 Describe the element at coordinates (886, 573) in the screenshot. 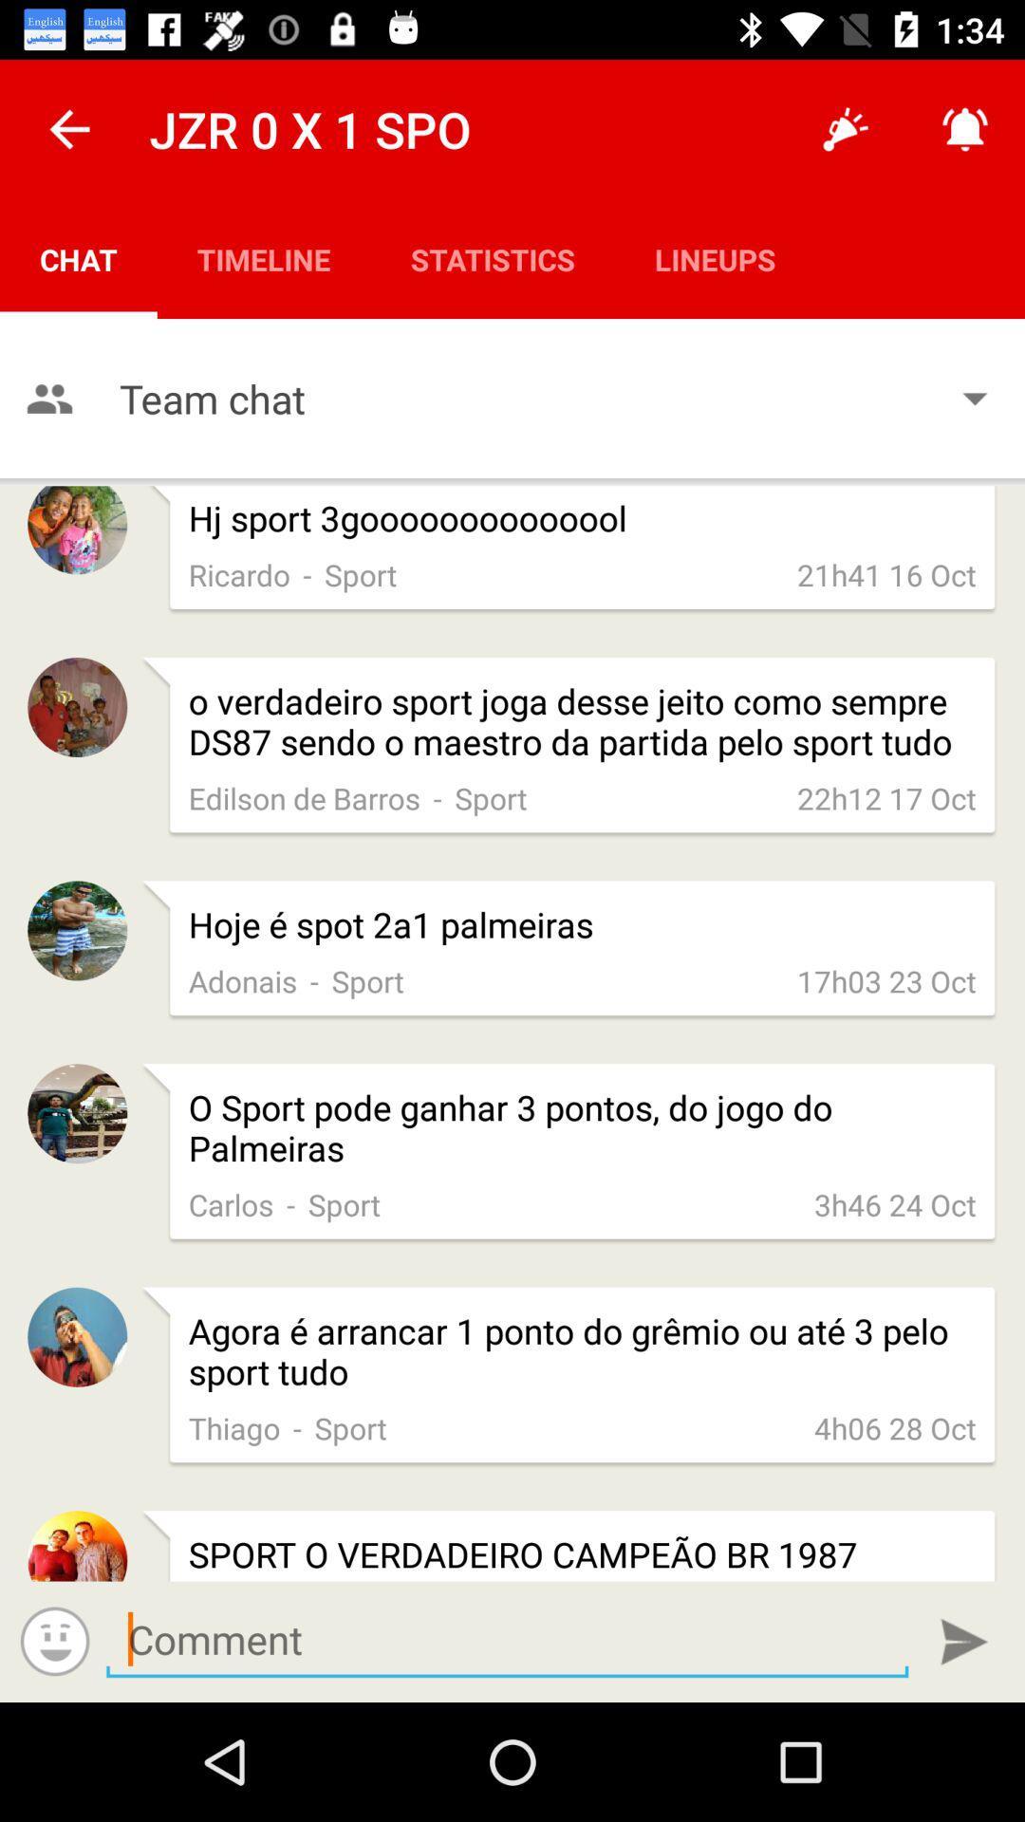

I see `21h41 16 oct icon` at that location.